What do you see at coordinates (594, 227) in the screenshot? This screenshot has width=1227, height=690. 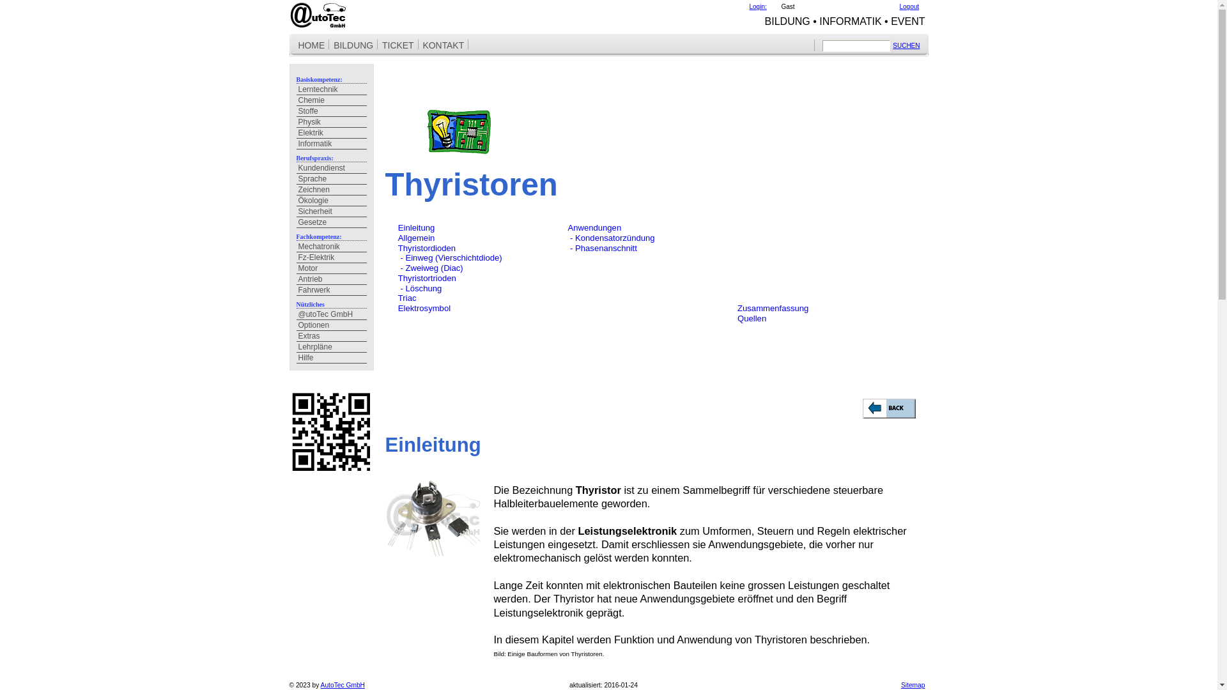 I see `'Anwendungen'` at bounding box center [594, 227].